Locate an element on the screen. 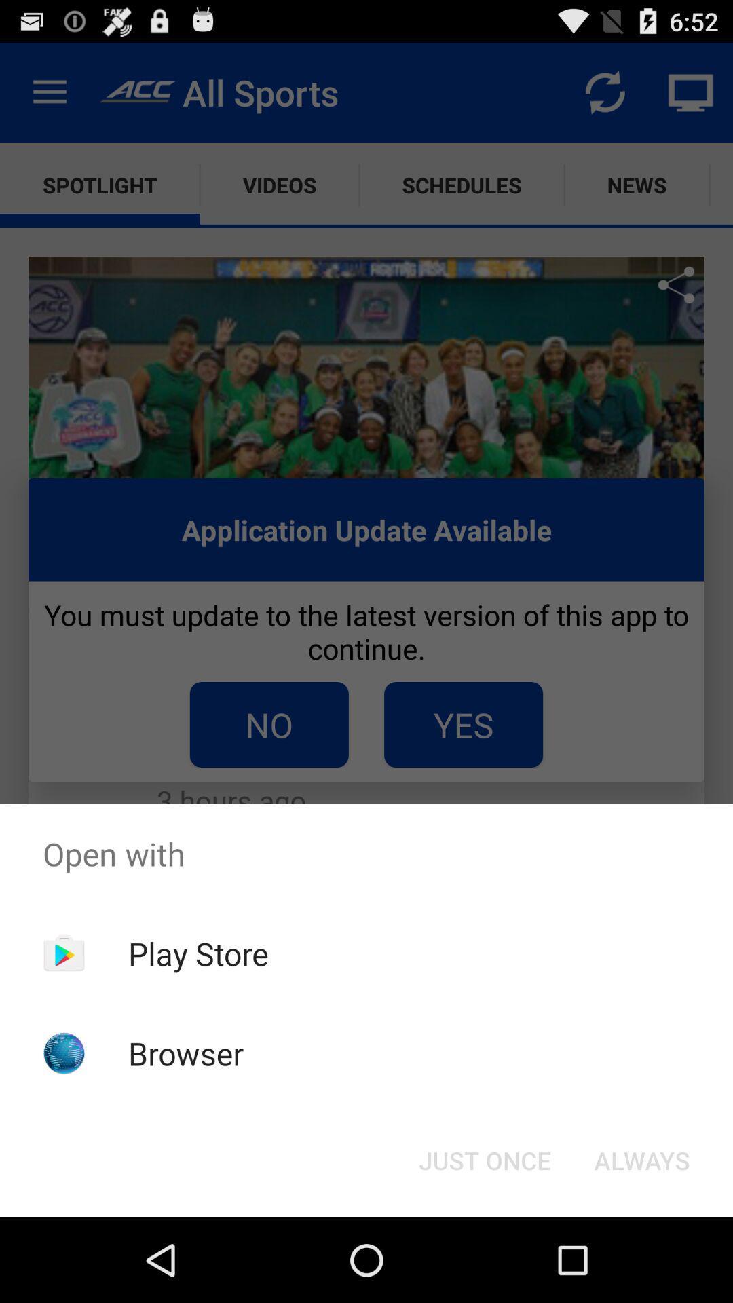 This screenshot has width=733, height=1303. browser item is located at coordinates (186, 1053).